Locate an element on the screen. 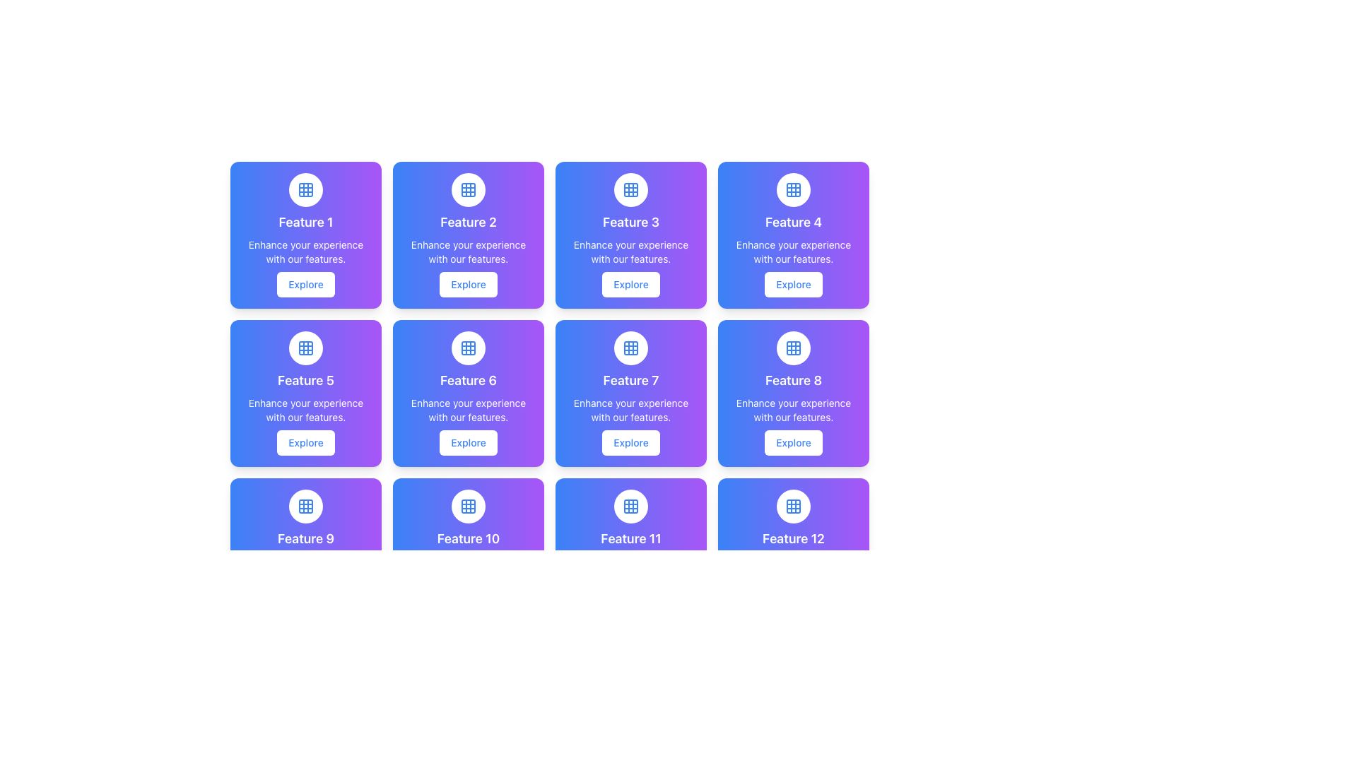 The image size is (1357, 763). the 'Explore' button, which is a rectangular button with rounded corners and a white background, featuring blue text and a hover effect that changes the background to blue and the text to white is located at coordinates (305, 284).